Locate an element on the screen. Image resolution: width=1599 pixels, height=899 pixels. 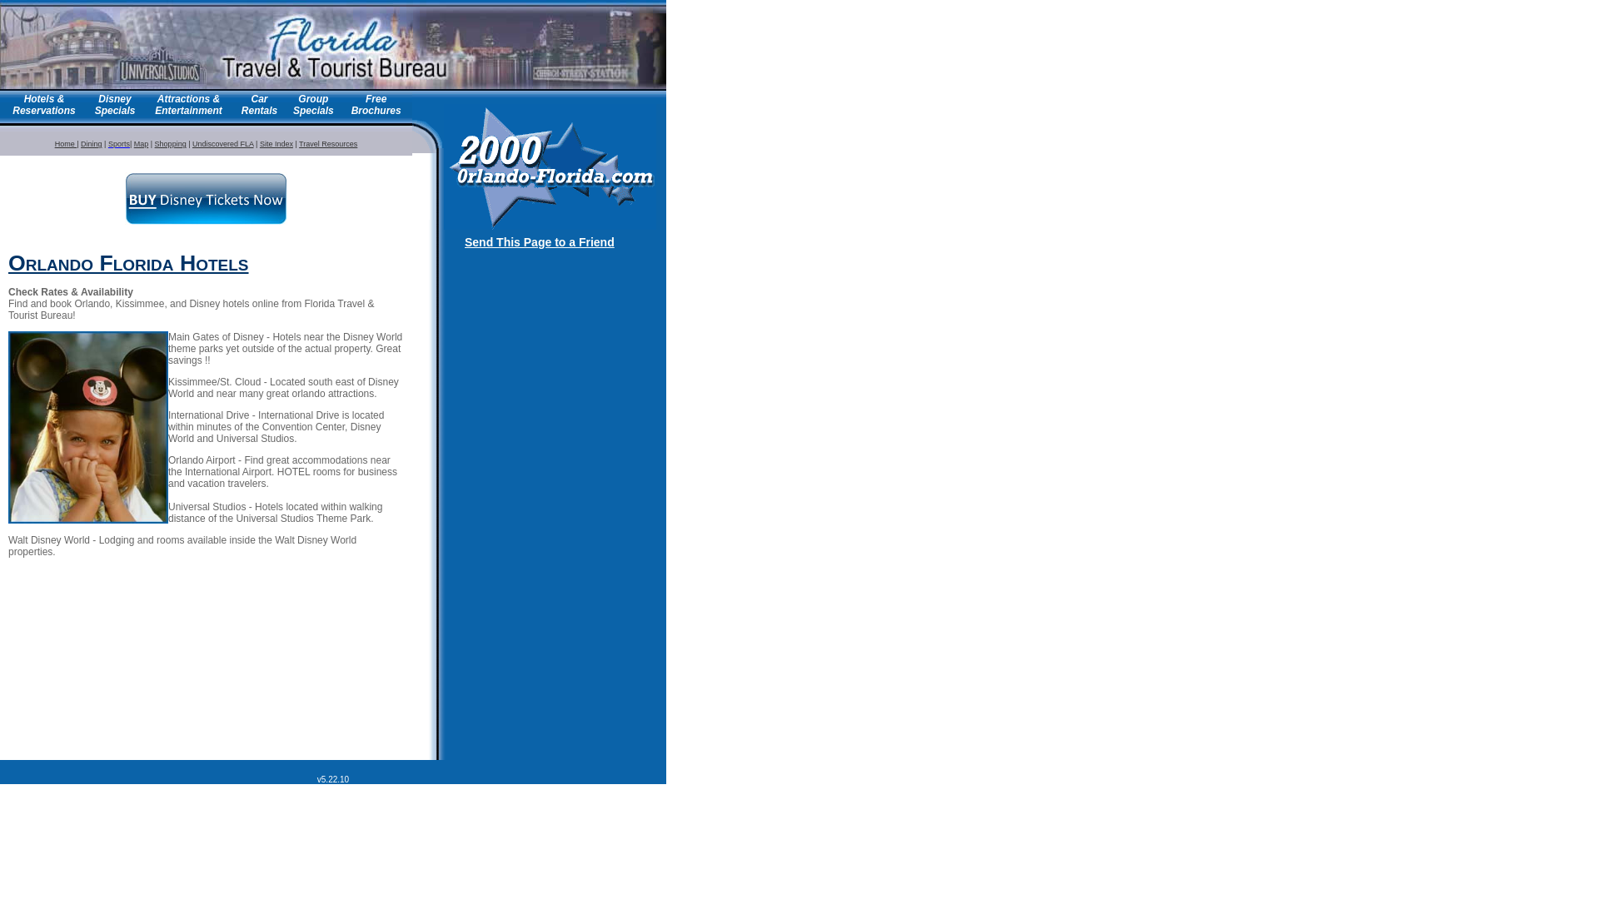
'Sports' is located at coordinates (118, 143).